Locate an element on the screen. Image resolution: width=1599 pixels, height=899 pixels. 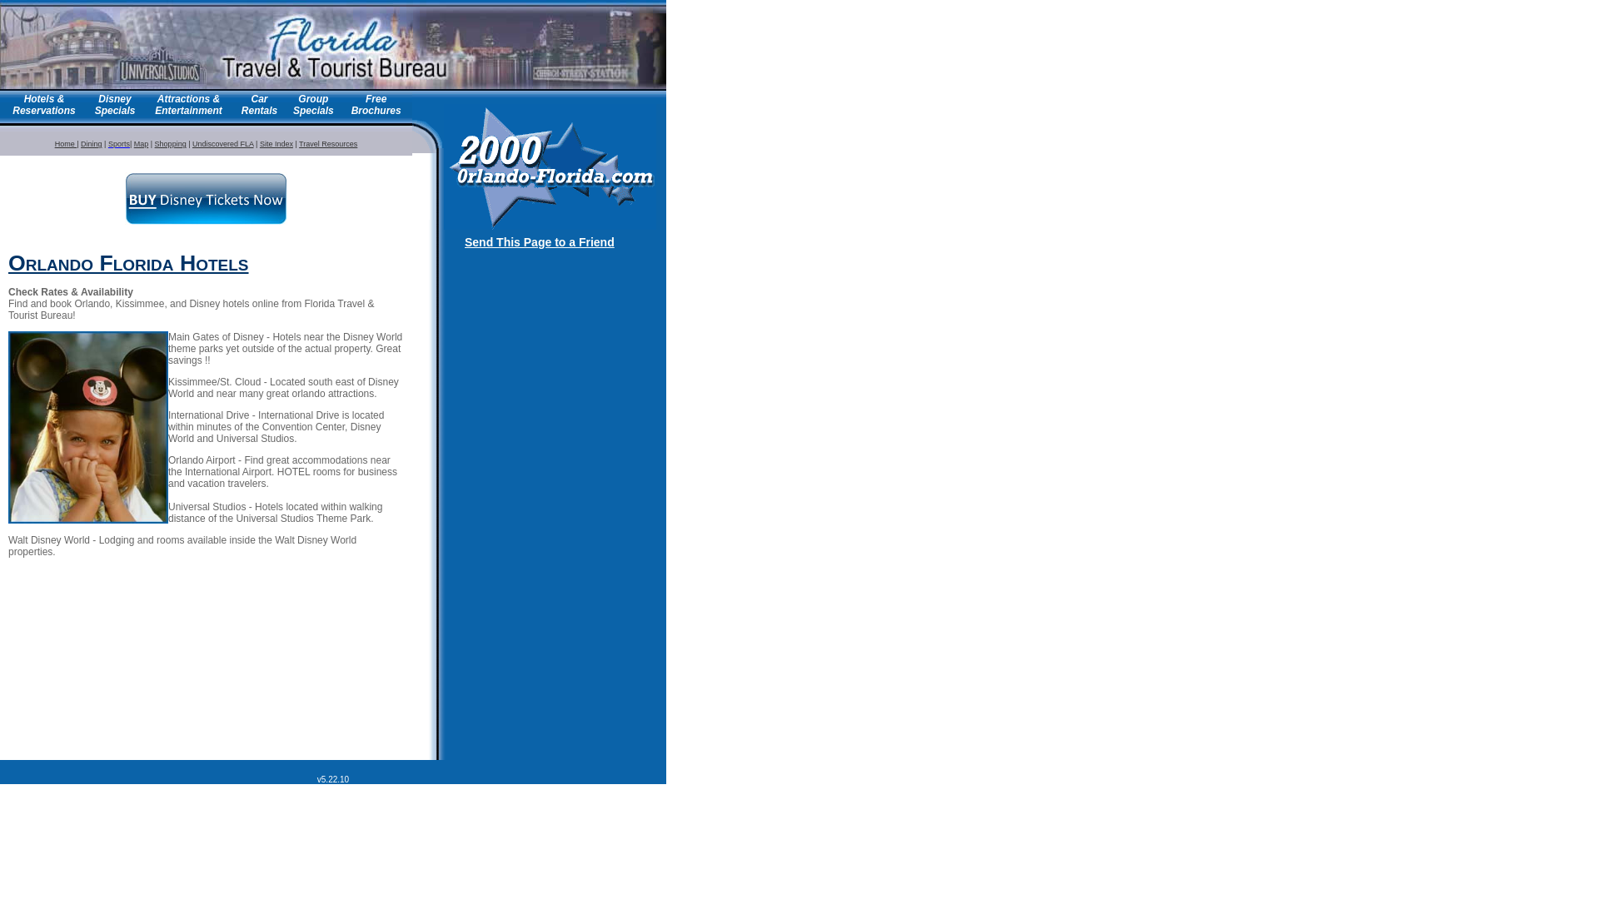
'Sports' is located at coordinates (118, 143).